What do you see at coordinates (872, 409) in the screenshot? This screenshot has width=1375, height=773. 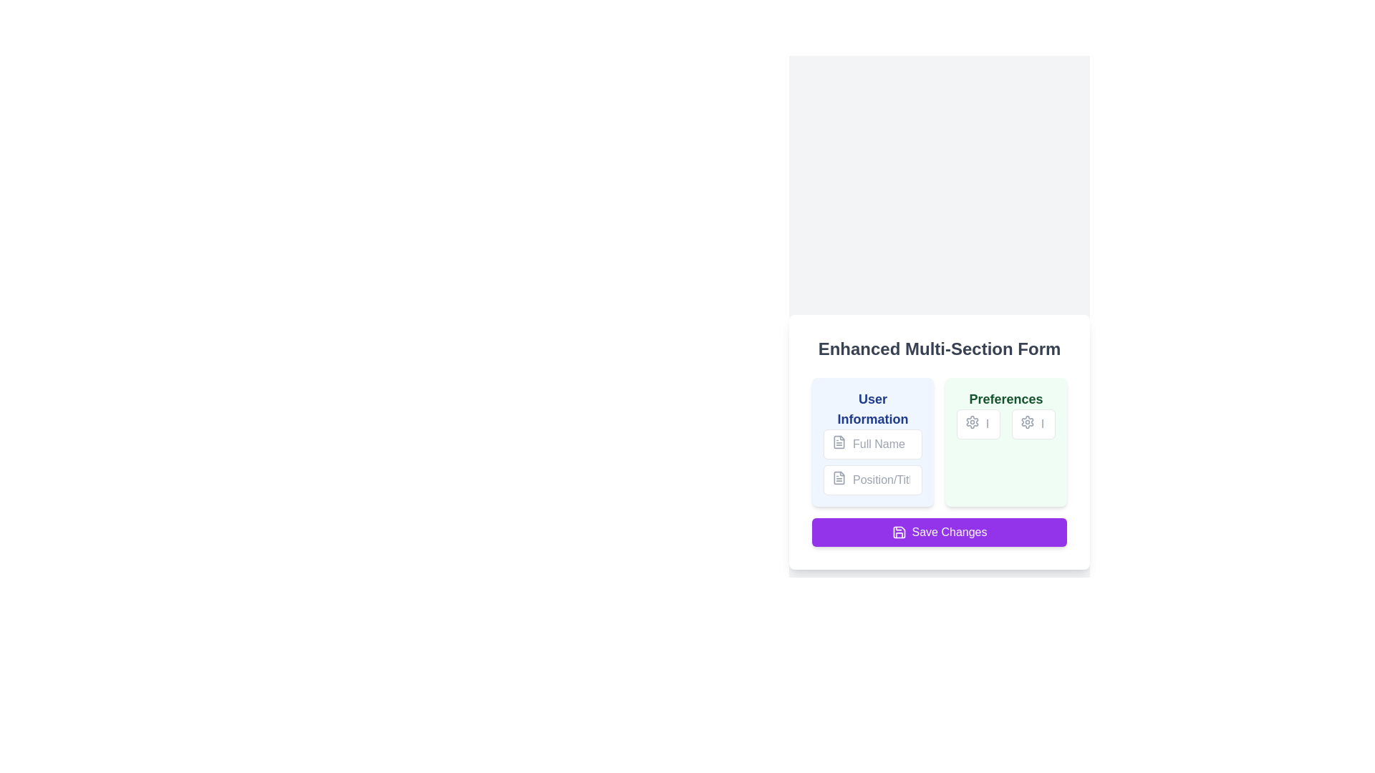 I see `the 'User Information' text label, which is displayed in bold, large blue font on a light blue background, located at the top of the left card in a two-column layout` at bounding box center [872, 409].